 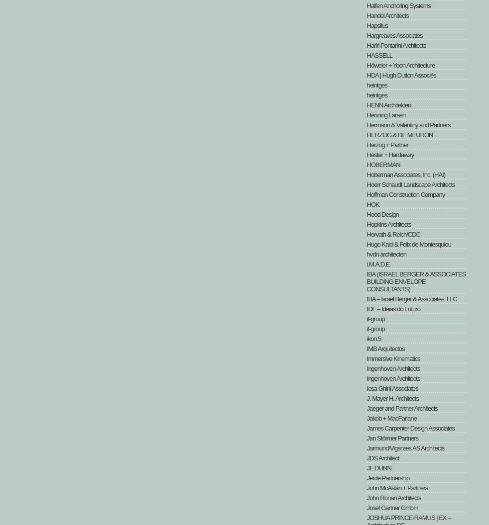 What do you see at coordinates (391, 418) in the screenshot?
I see `'Jakob + MacFarlane'` at bounding box center [391, 418].